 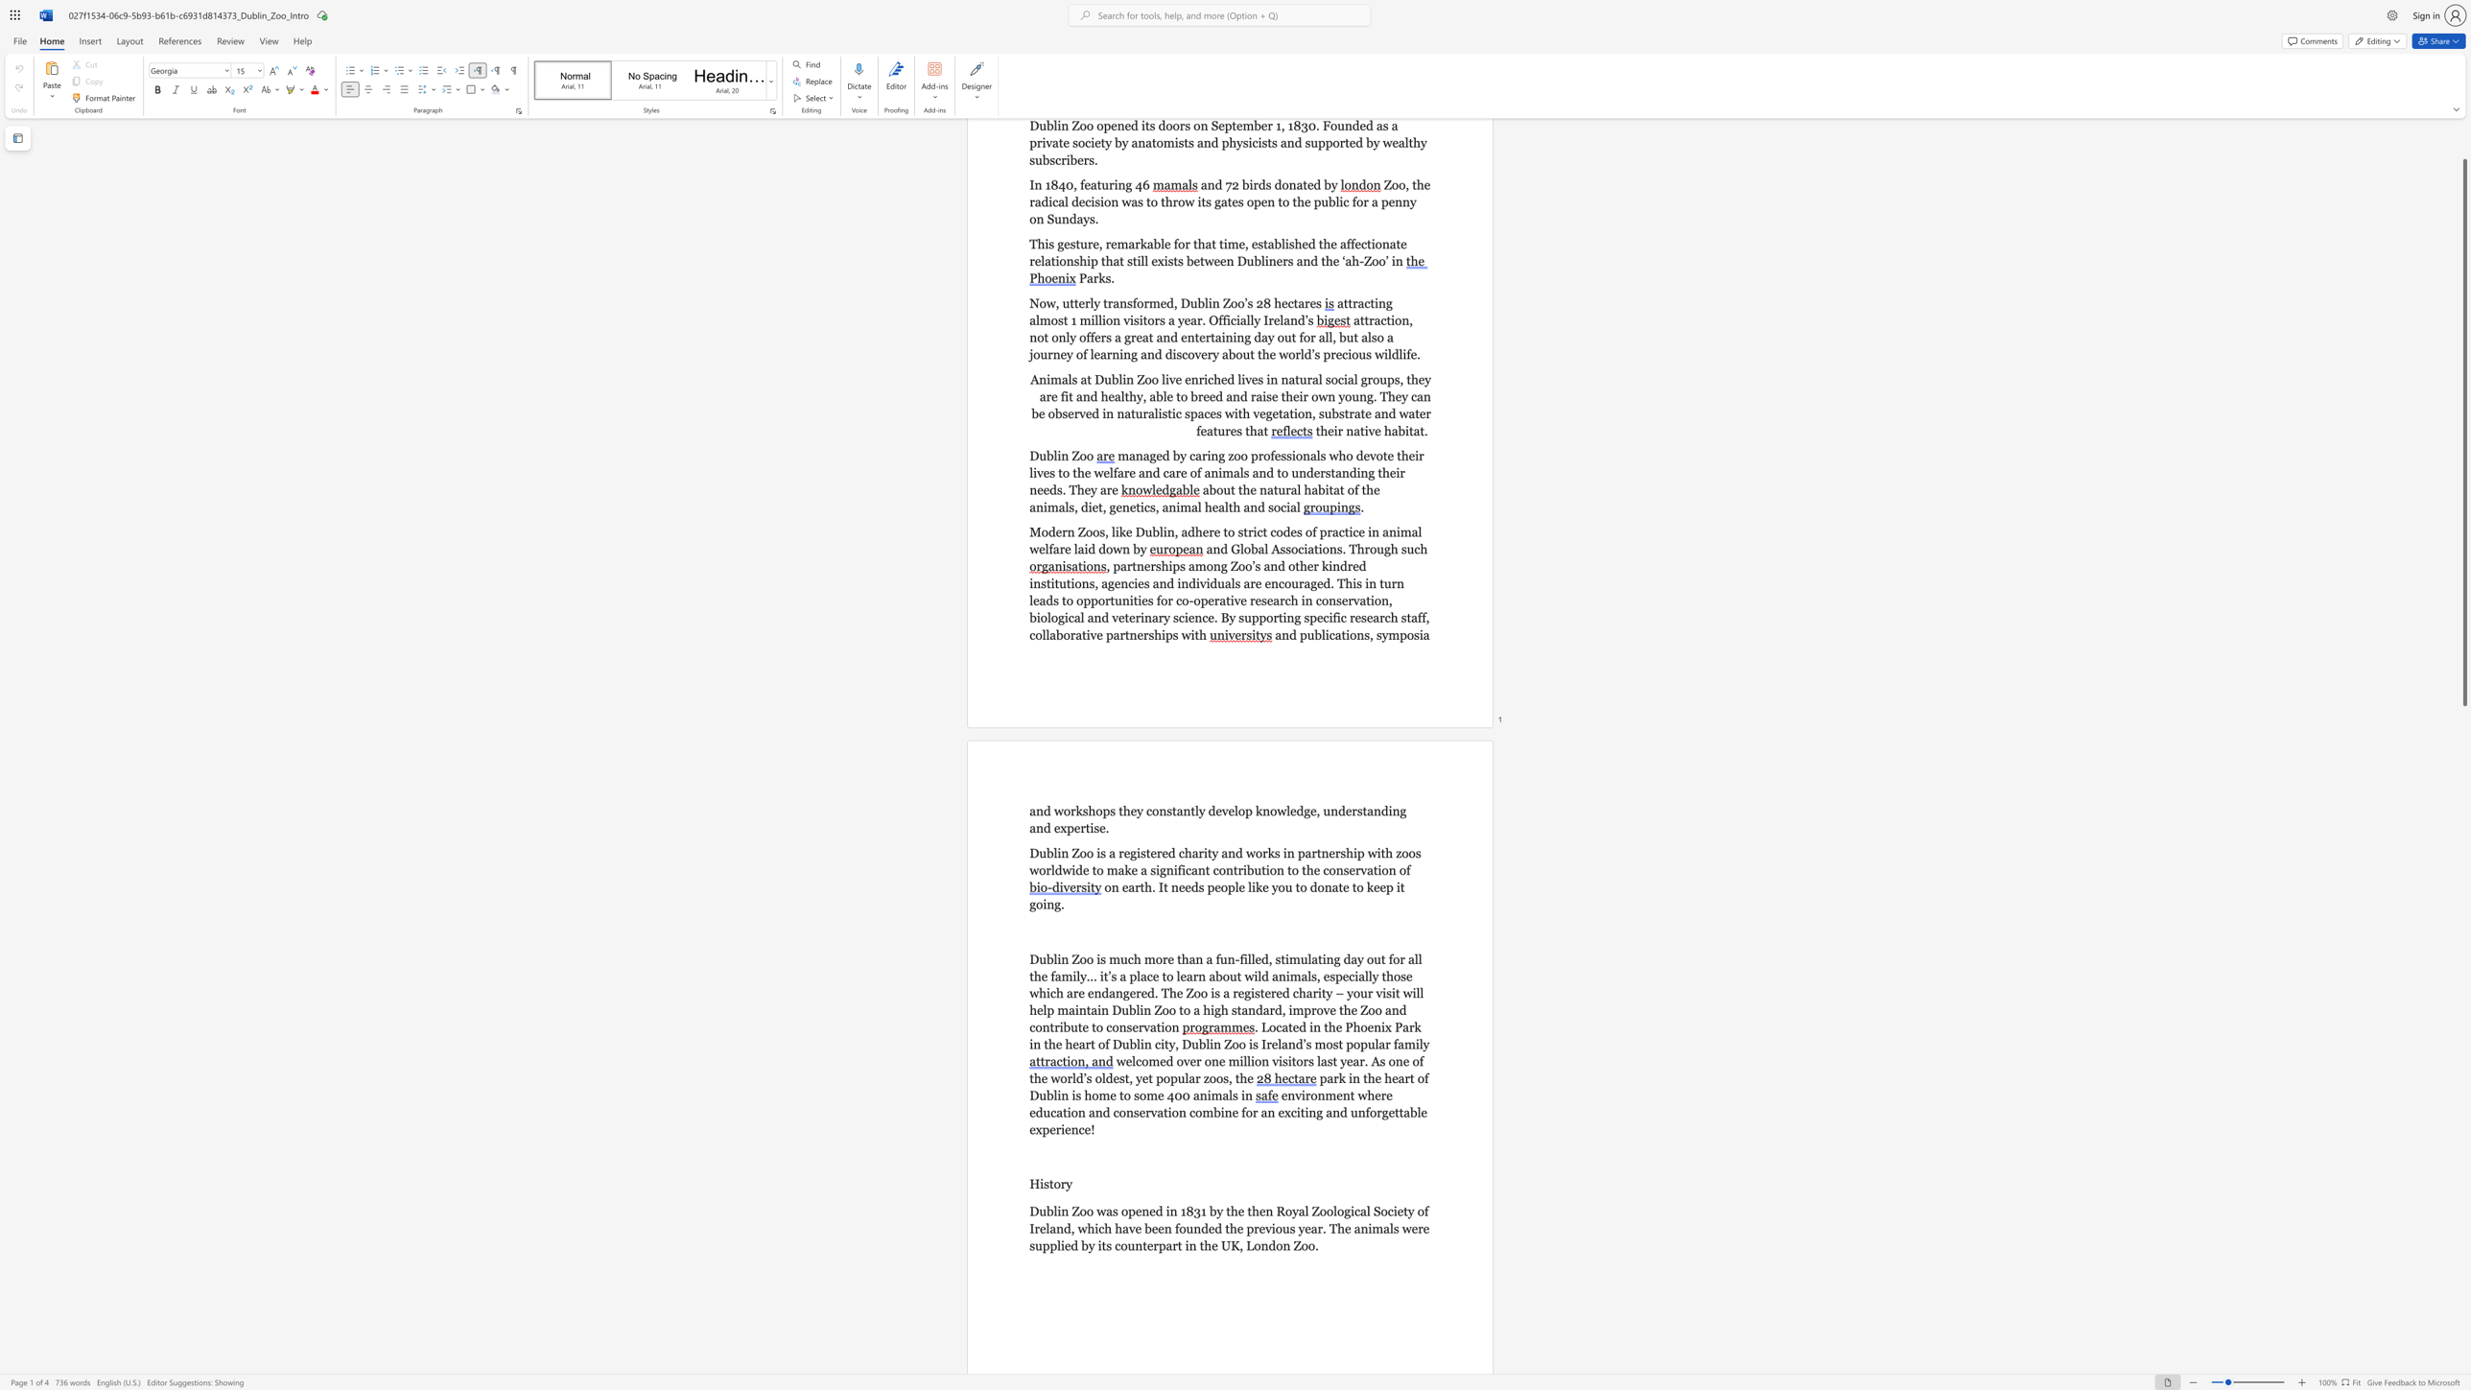 I want to click on the subset text "relationship that still exists betwe" within the text "the affectionate relationship that still exists between Dubliners and the ‘ah-Zoo’ in", so click(x=1029, y=260).